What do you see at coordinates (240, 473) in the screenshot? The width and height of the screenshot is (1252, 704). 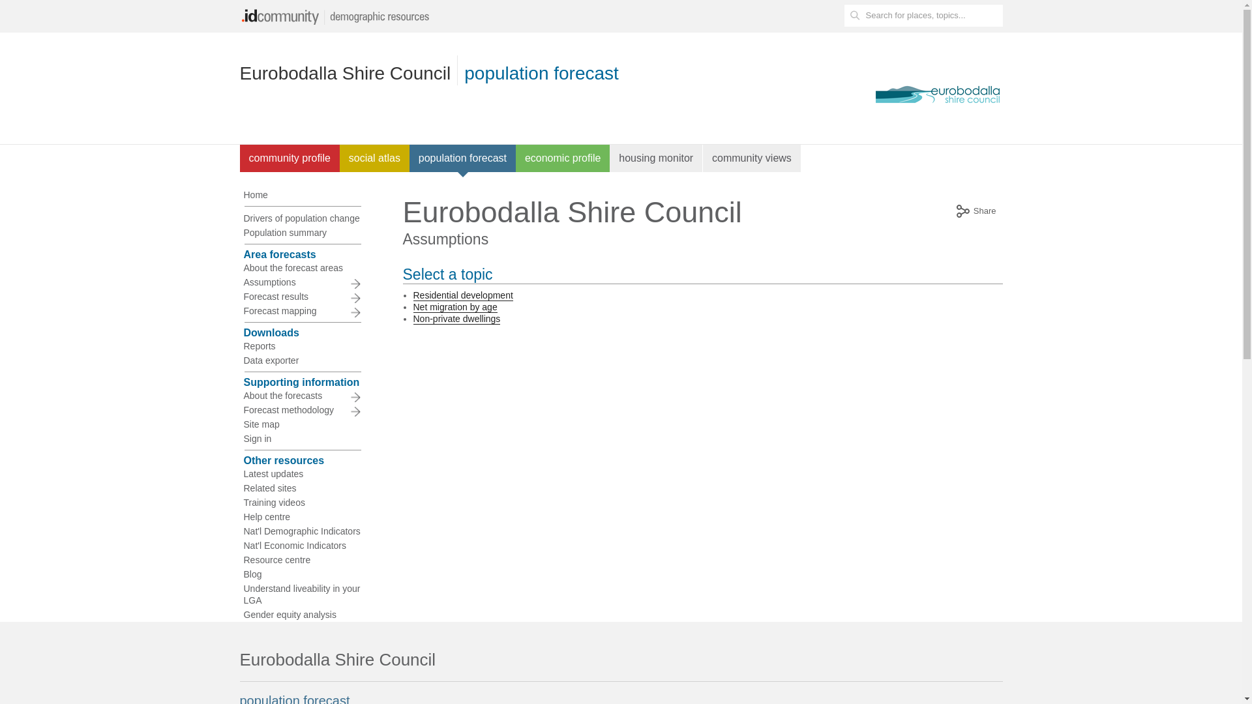 I see `'Latest updates'` at bounding box center [240, 473].